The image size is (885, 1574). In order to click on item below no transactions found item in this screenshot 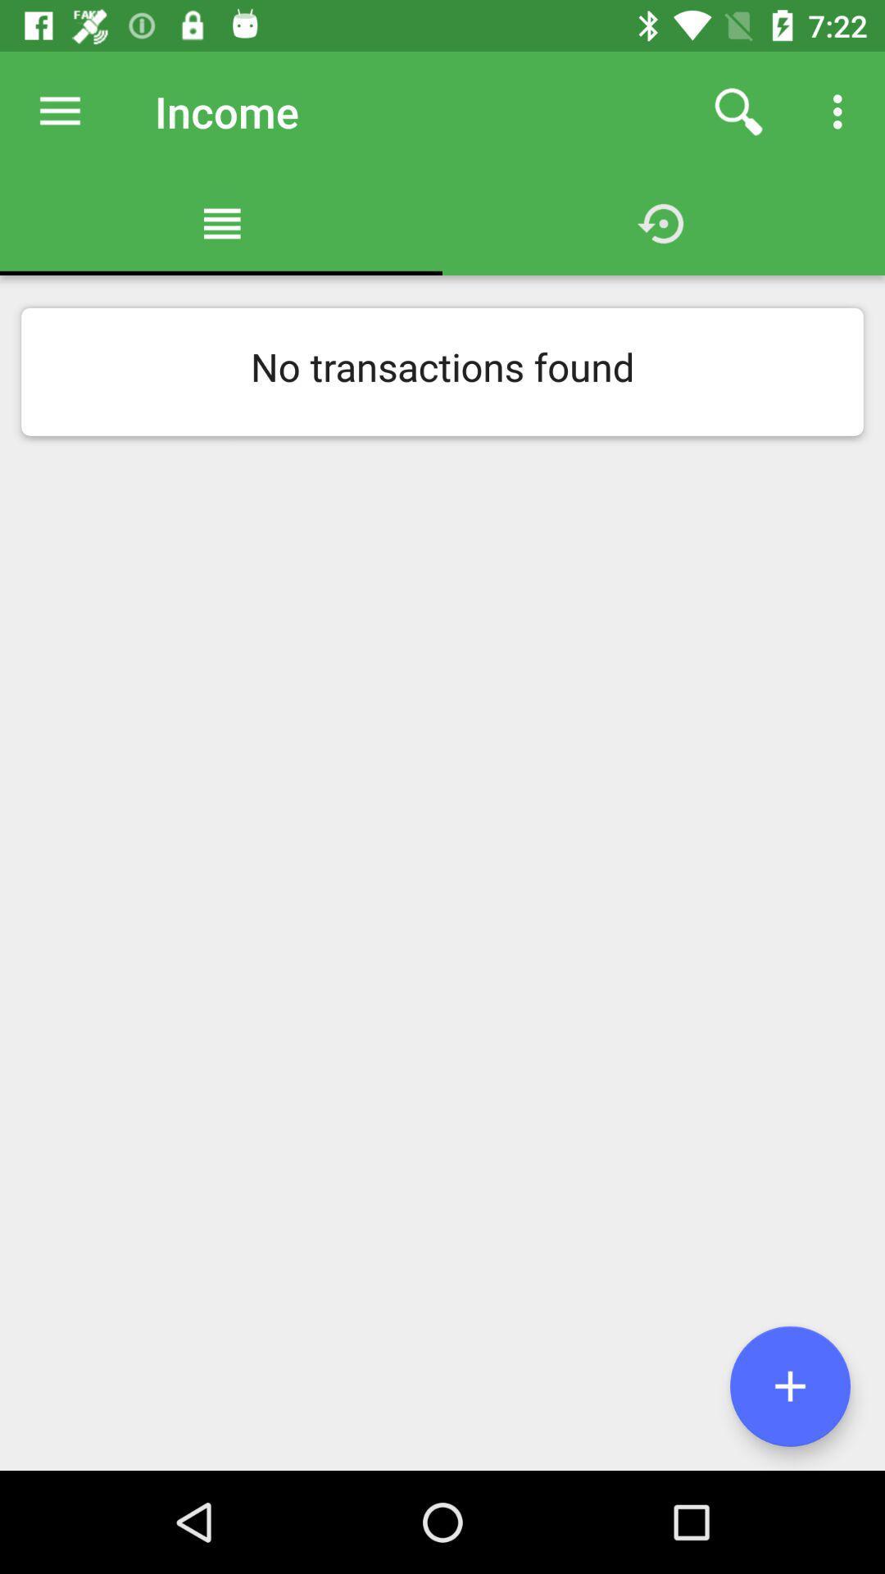, I will do `click(789, 1385)`.